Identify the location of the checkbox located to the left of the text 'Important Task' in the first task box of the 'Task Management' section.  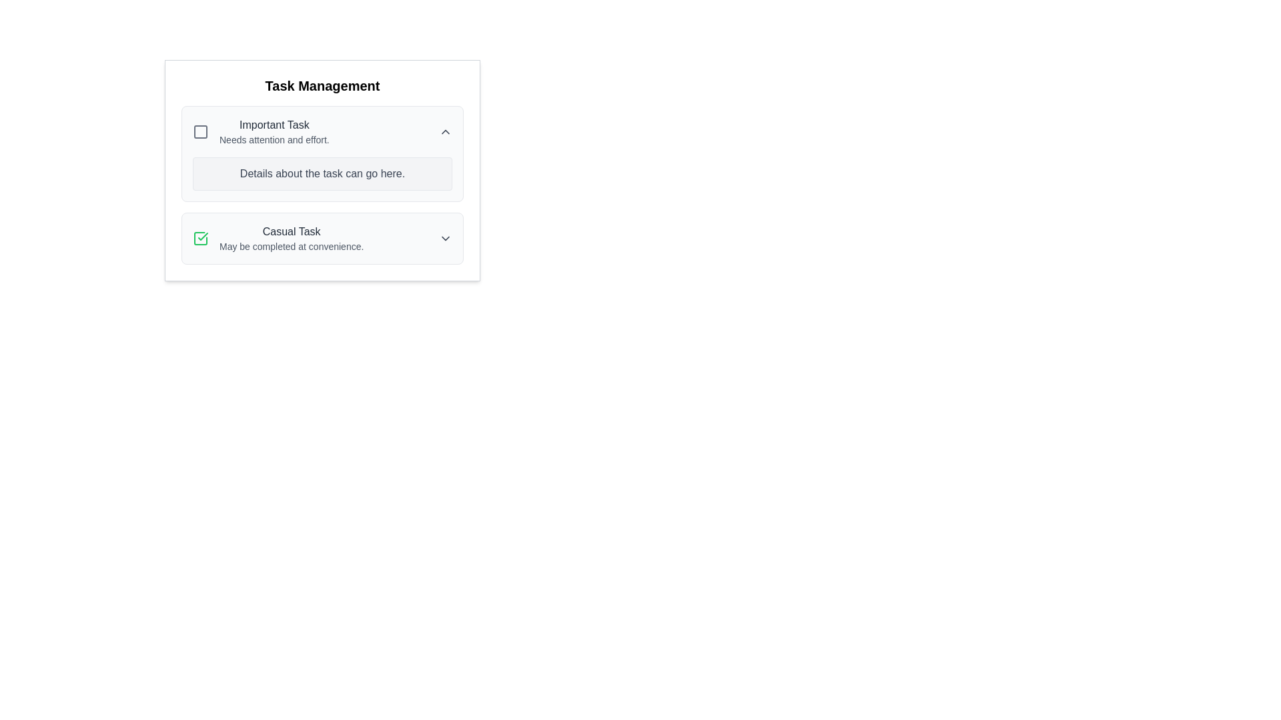
(200, 131).